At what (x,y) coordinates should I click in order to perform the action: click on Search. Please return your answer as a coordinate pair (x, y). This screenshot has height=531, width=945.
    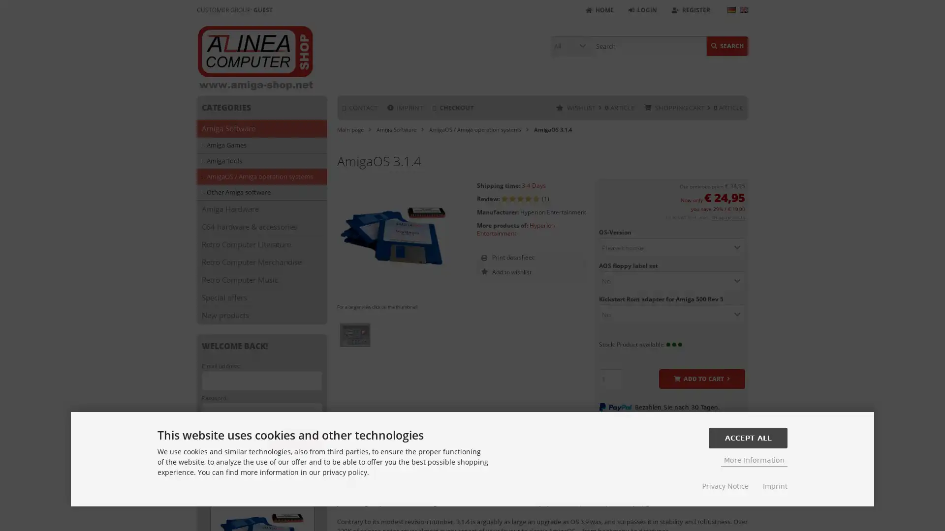
    Looking at the image, I should click on (727, 46).